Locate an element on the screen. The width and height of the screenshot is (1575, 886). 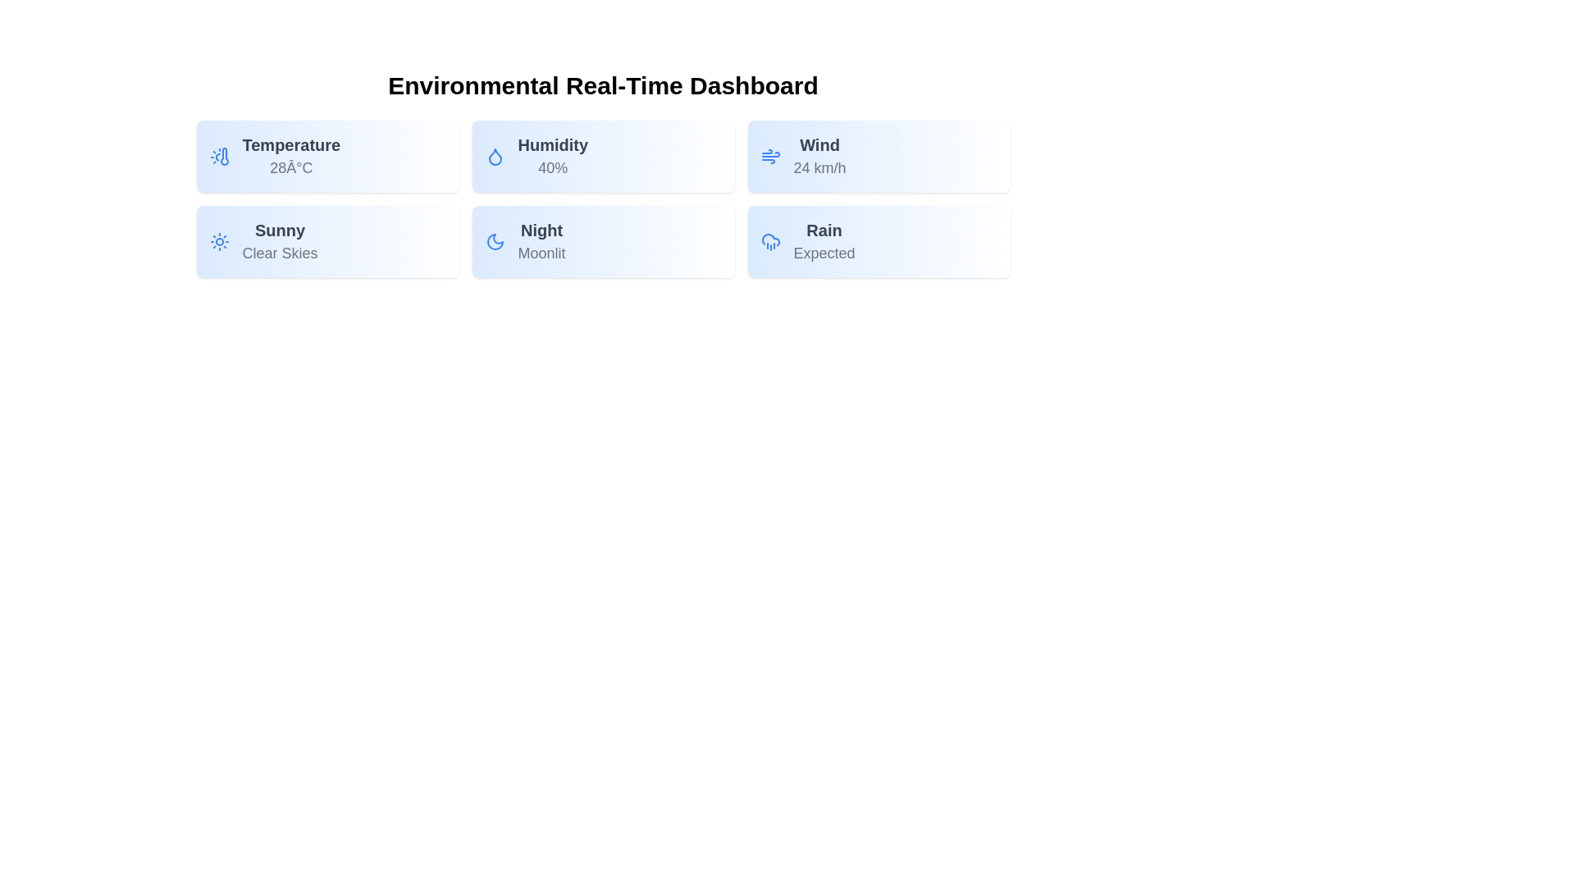
the blue-colored wind icon that represents wind data, located at the leftmost position of the 'Wind' card, adjacent to the text '24 km/h' and 'Wind' is located at coordinates (769, 157).